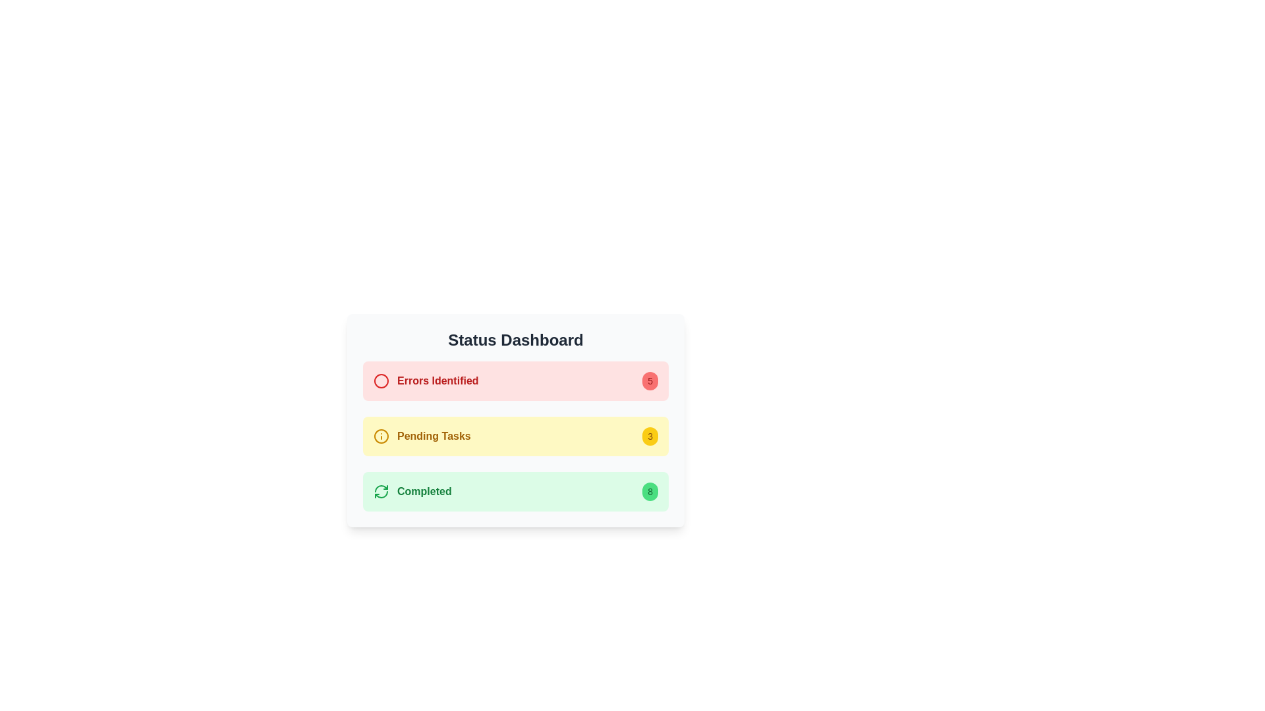  What do you see at coordinates (650, 492) in the screenshot?
I see `the displayed information on the small rounded rectangular green badge showing the number '8', located at the far-right side of the 'Completed' section` at bounding box center [650, 492].